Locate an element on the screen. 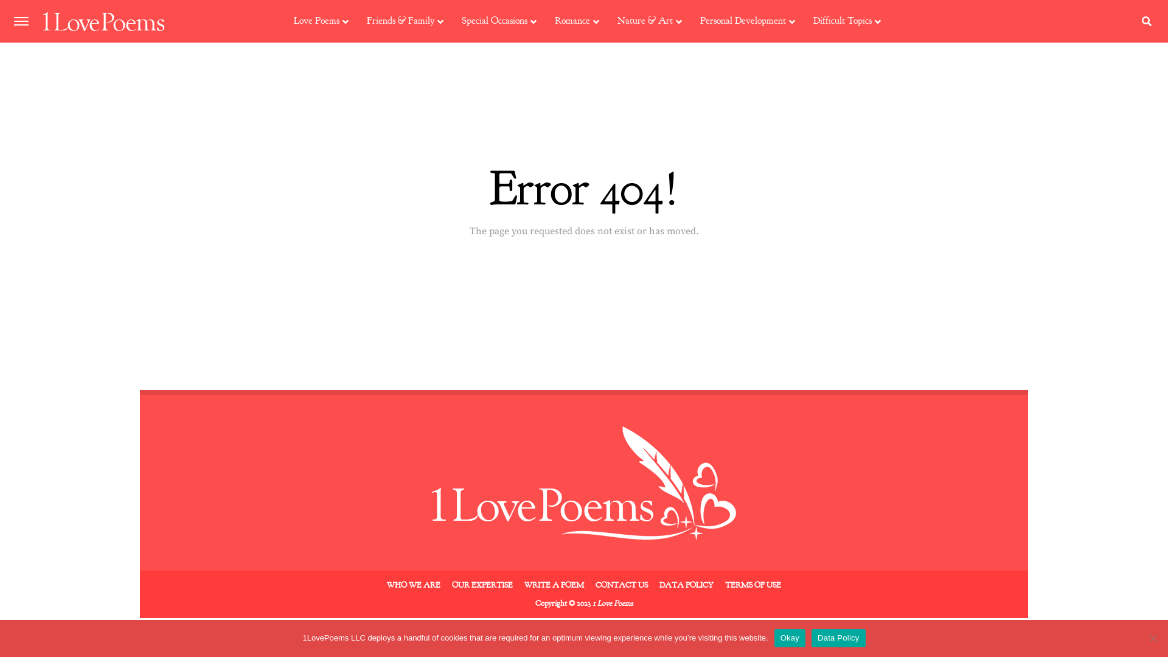 This screenshot has width=1168, height=657. 'CONTACT US' is located at coordinates (596, 584).